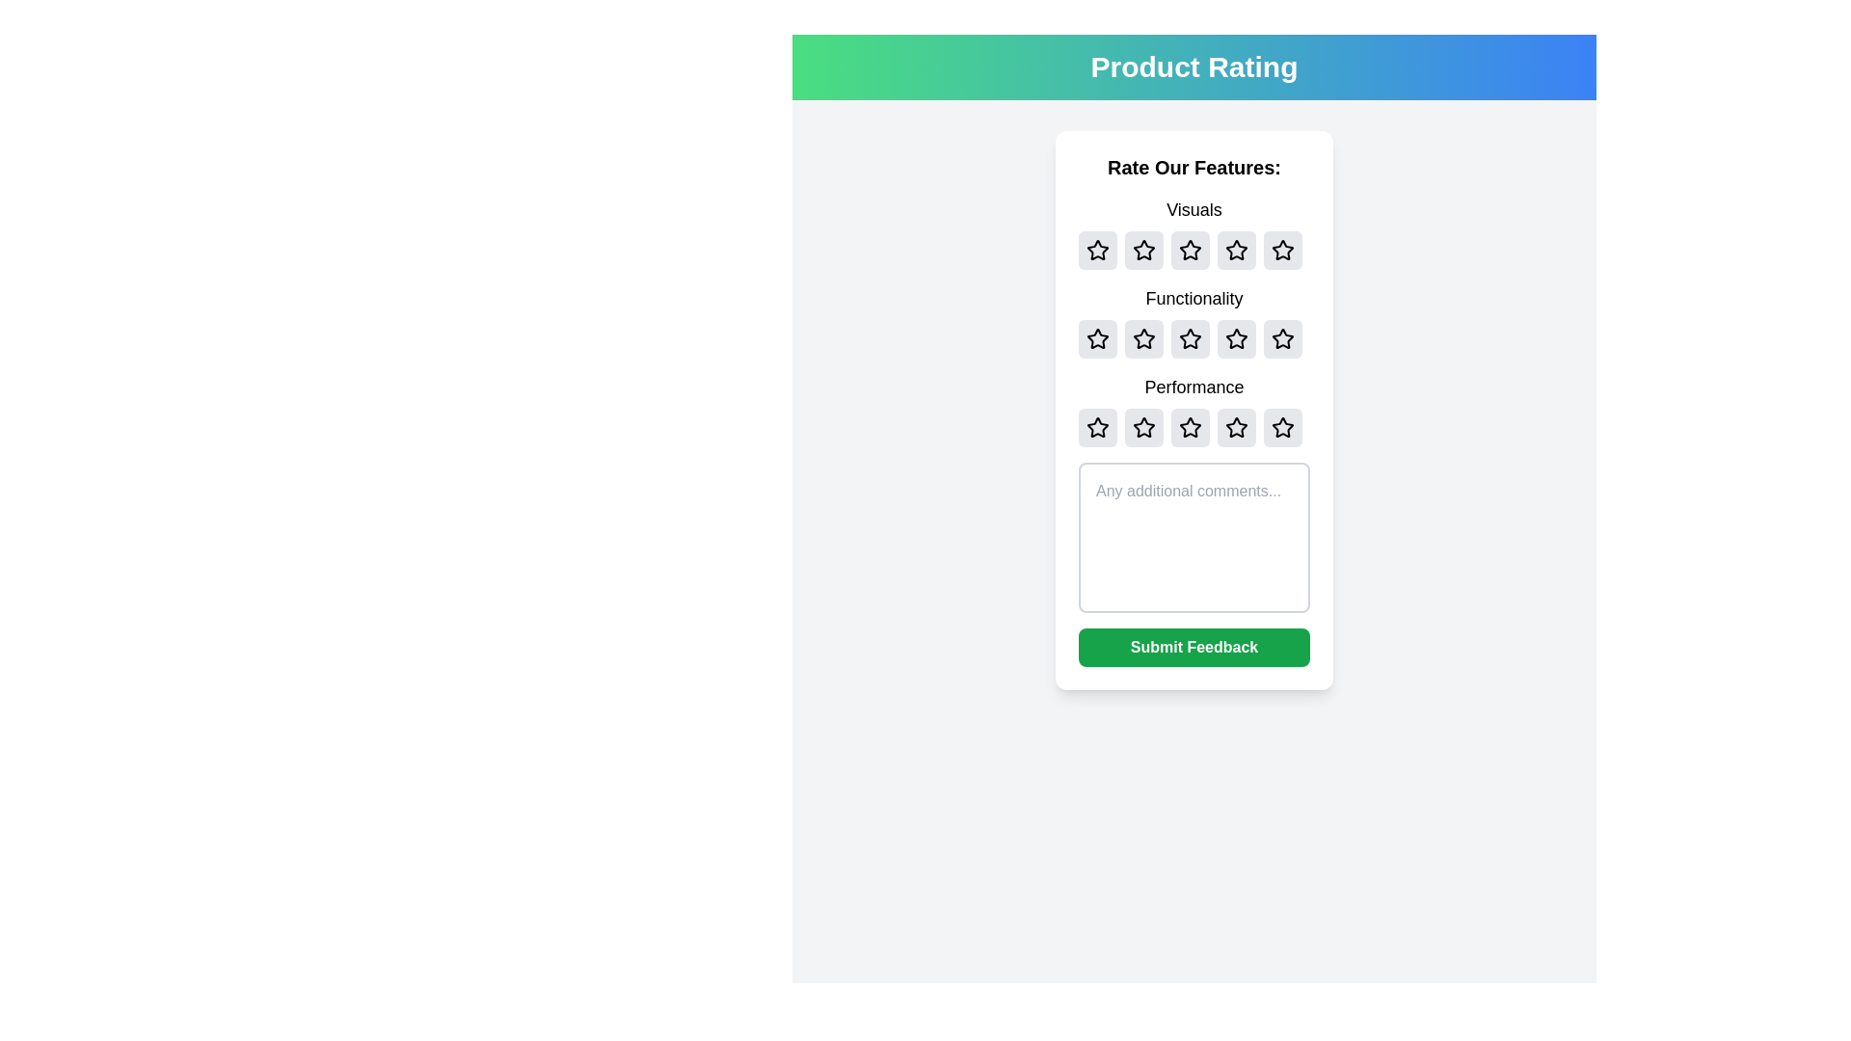 The height and width of the screenshot is (1041, 1851). I want to click on the fourth star icon in the performance rating section, so click(1236, 426).